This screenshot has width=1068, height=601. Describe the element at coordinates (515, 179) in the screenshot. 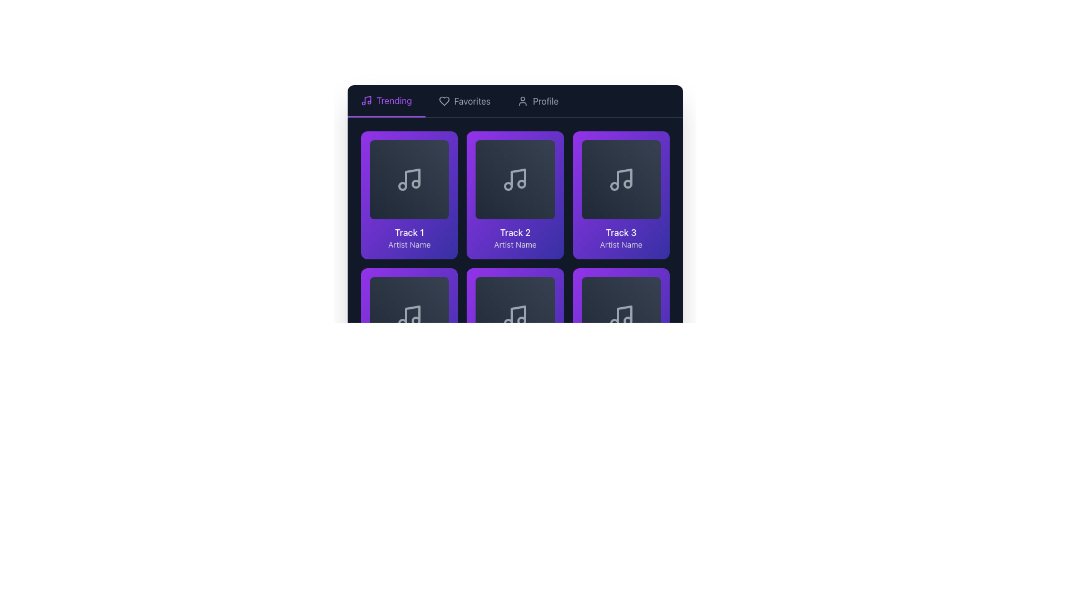

I see `the music icon located in the center of the 'Track 2' card, which has a purple background and rounded corners` at that location.